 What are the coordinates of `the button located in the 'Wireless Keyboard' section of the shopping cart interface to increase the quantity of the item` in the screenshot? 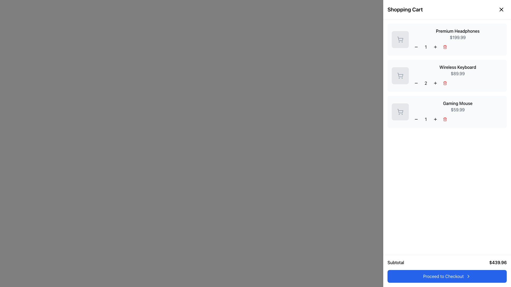 It's located at (435, 83).